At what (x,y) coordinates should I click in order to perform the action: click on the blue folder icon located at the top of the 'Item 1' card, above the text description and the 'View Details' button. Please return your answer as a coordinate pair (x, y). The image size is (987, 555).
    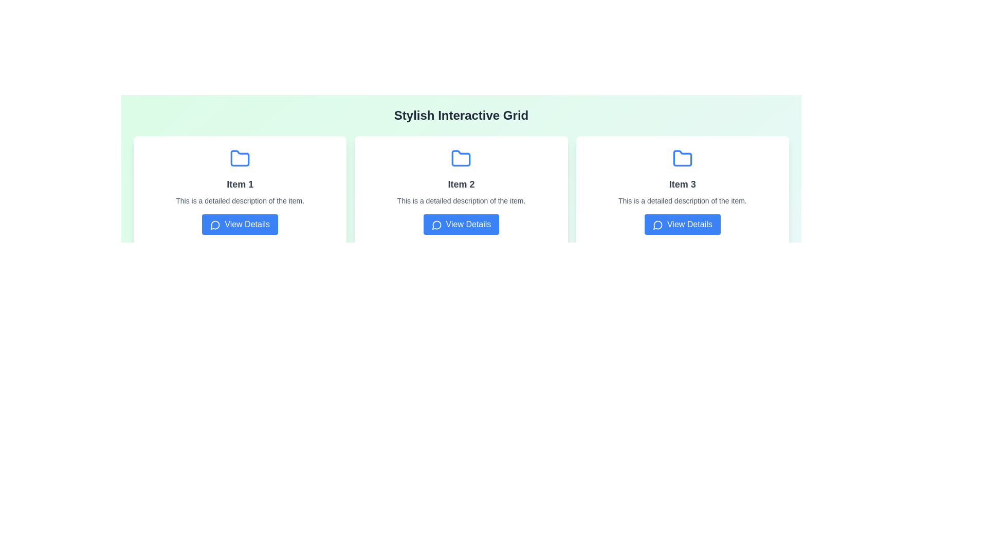
    Looking at the image, I should click on (240, 158).